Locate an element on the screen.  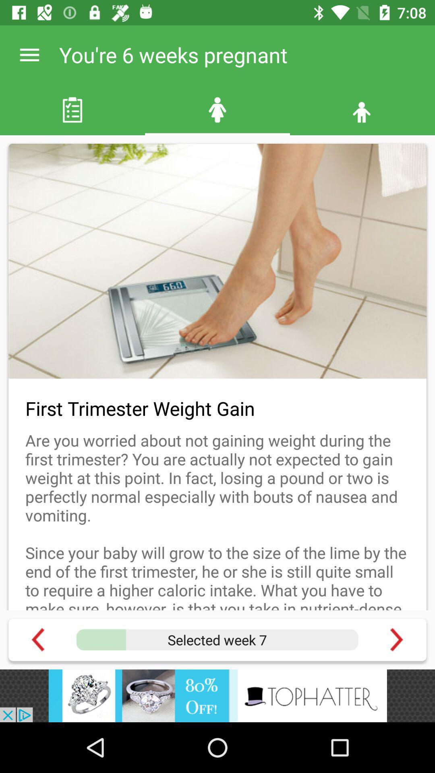
go back is located at coordinates (38, 639).